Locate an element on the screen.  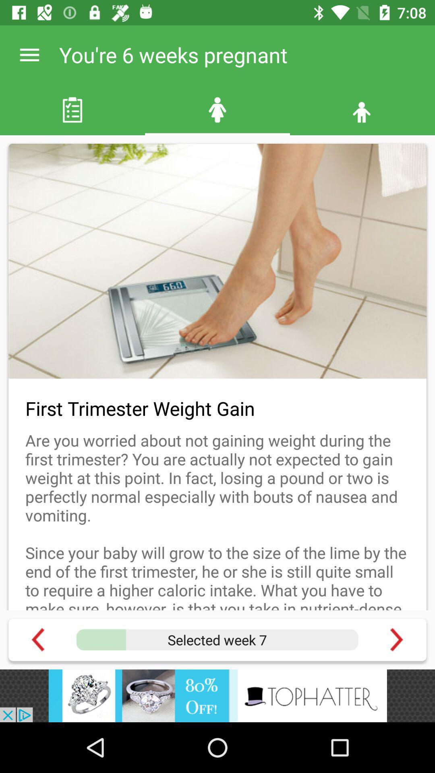
go back is located at coordinates (38, 639).